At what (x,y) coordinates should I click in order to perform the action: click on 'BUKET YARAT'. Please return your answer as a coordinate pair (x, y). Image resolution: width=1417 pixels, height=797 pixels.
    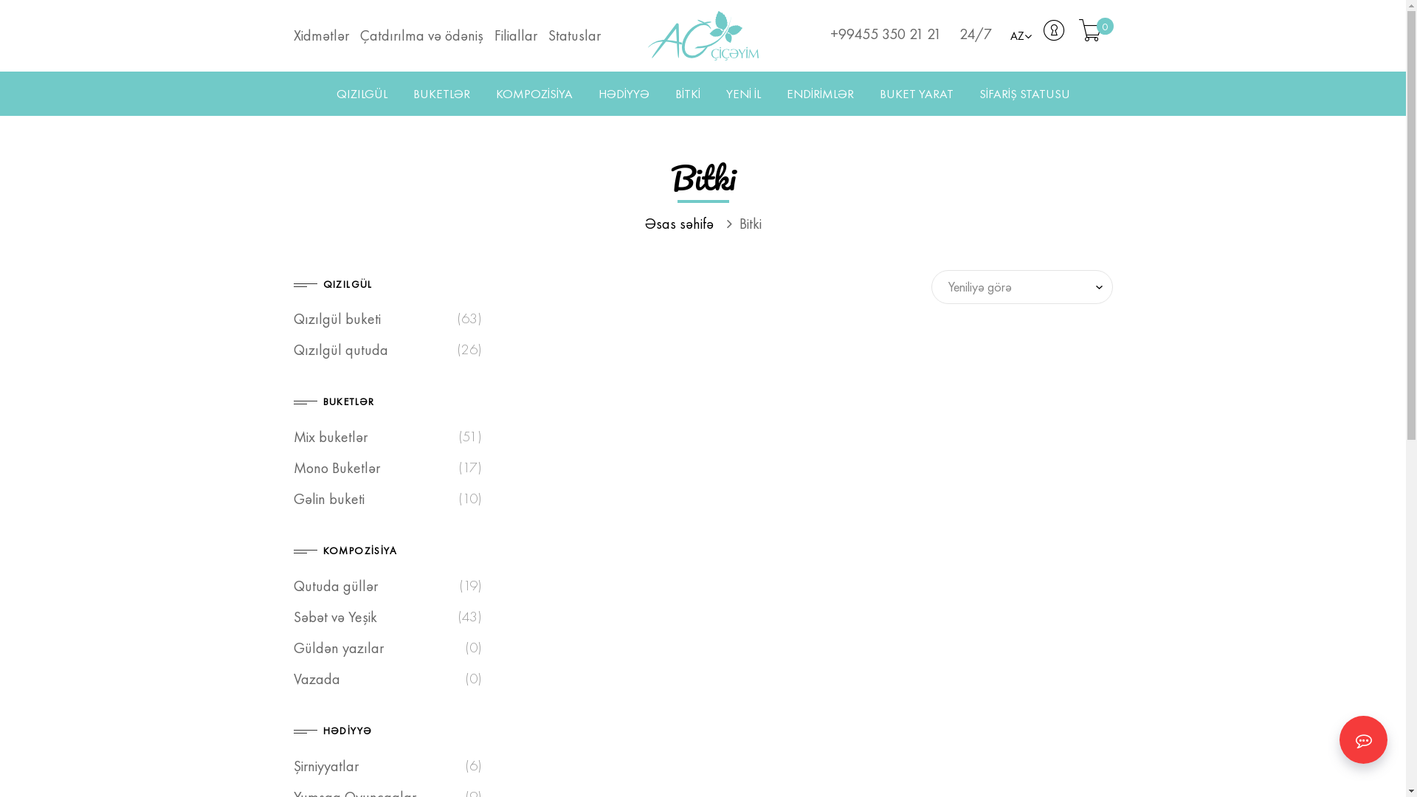
    Looking at the image, I should click on (916, 94).